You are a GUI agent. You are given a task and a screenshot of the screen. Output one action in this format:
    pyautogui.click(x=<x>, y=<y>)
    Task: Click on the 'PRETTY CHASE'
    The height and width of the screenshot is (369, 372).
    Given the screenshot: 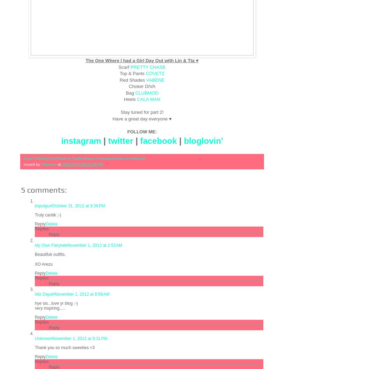 What is the action you would take?
    pyautogui.click(x=148, y=67)
    